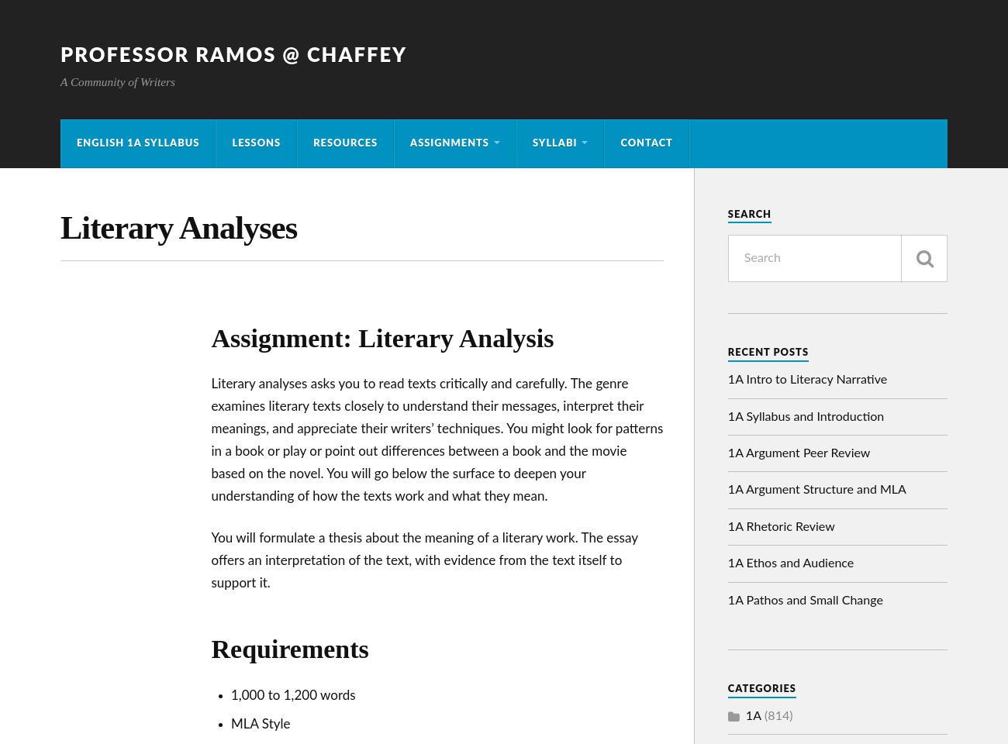 The height and width of the screenshot is (744, 1008). Describe the element at coordinates (381, 337) in the screenshot. I see `'Assignment: Literary Analysis'` at that location.